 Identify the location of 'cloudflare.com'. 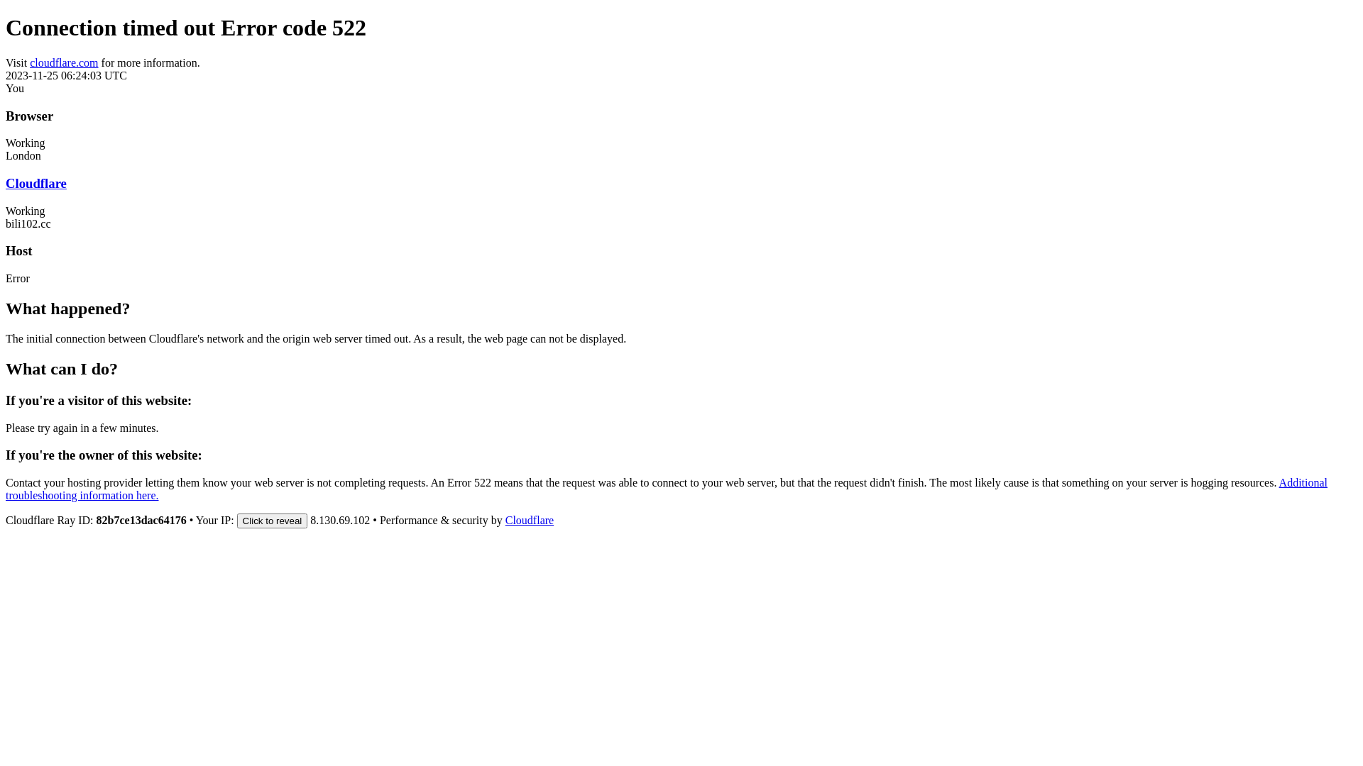
(30, 62).